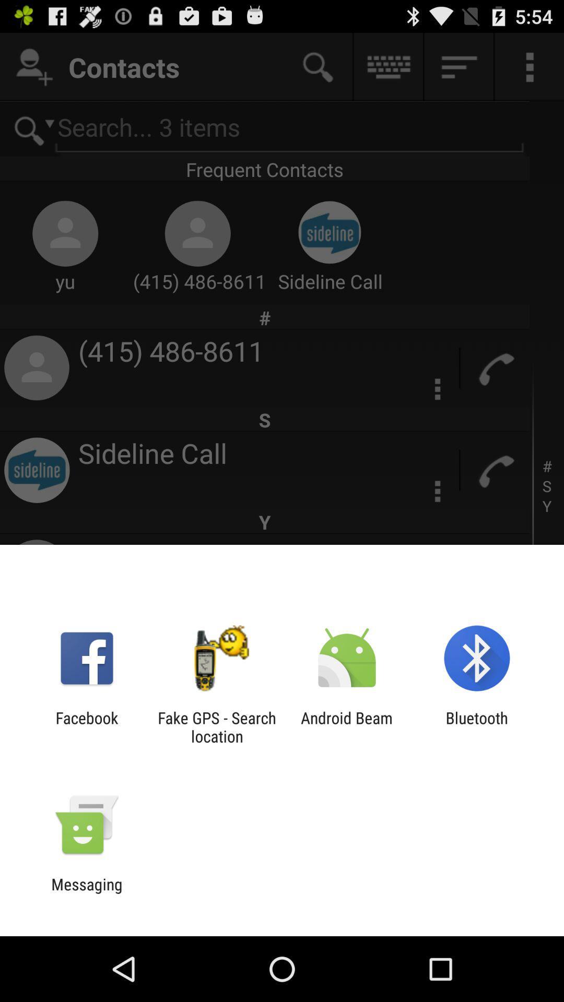 The height and width of the screenshot is (1002, 564). I want to click on app next to the fake gps search app, so click(86, 726).